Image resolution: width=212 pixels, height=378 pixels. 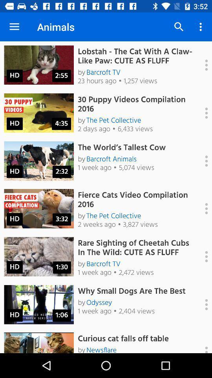 I want to click on options menu for video, so click(x=202, y=342).